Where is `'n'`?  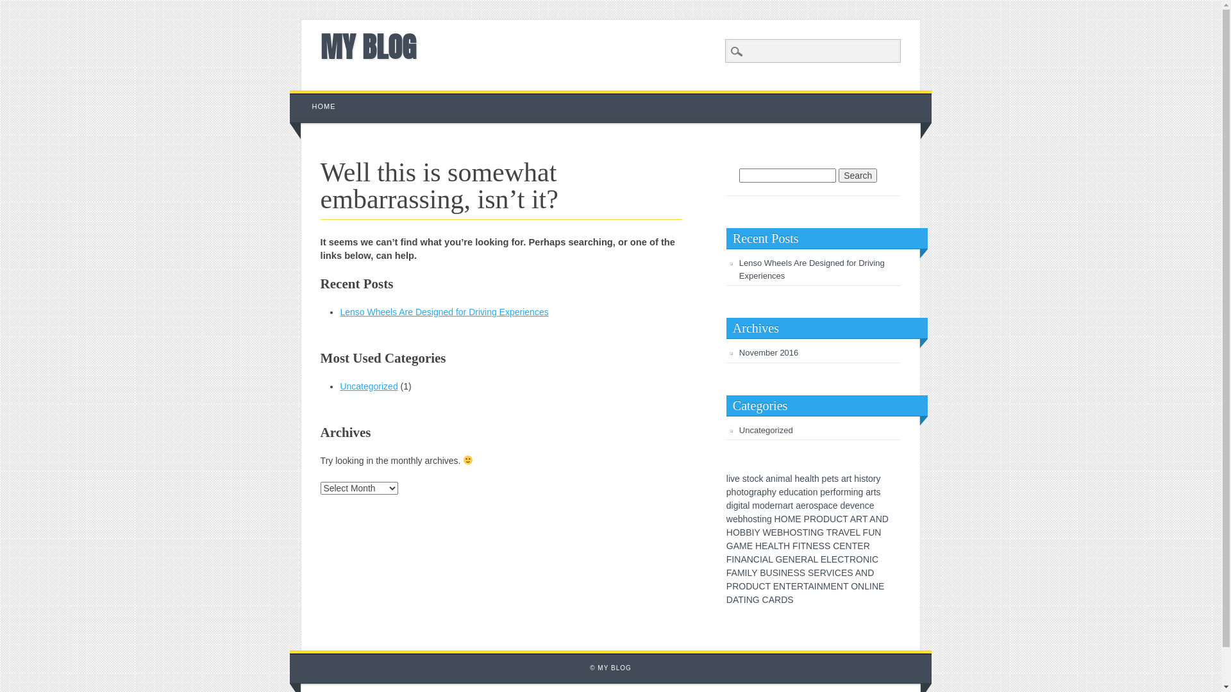
'n' is located at coordinates (762, 519).